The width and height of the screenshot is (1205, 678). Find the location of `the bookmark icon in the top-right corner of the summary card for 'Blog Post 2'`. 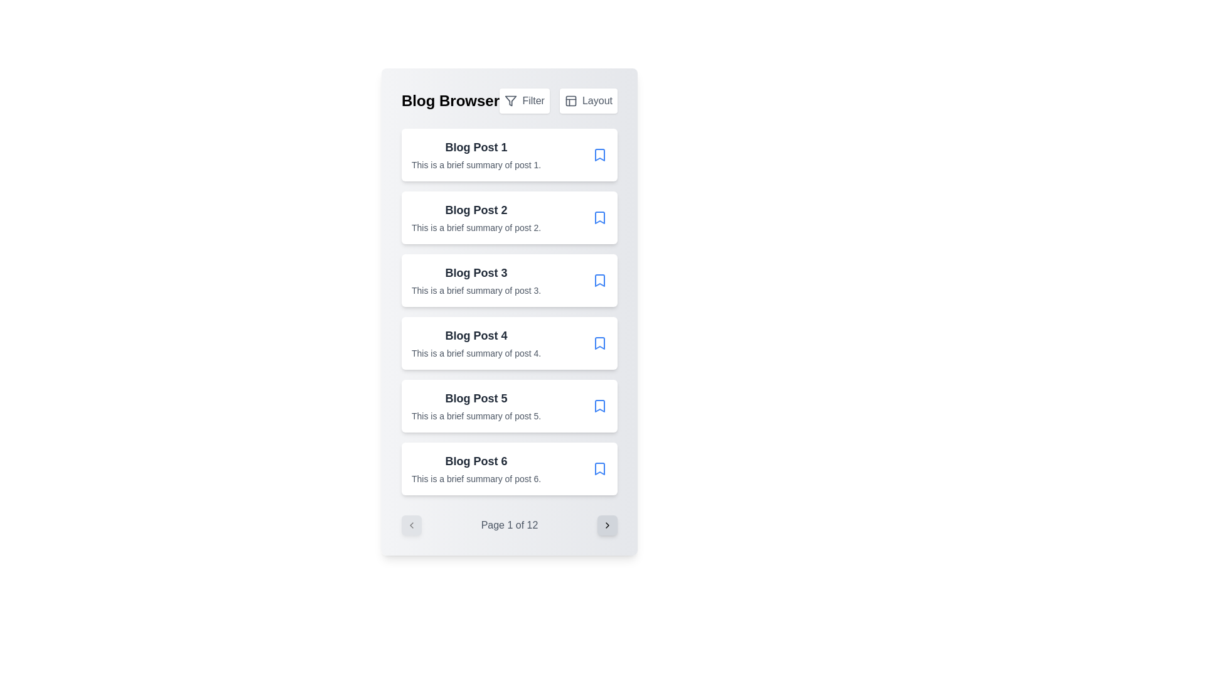

the bookmark icon in the top-right corner of the summary card for 'Blog Post 2' is located at coordinates (599, 217).